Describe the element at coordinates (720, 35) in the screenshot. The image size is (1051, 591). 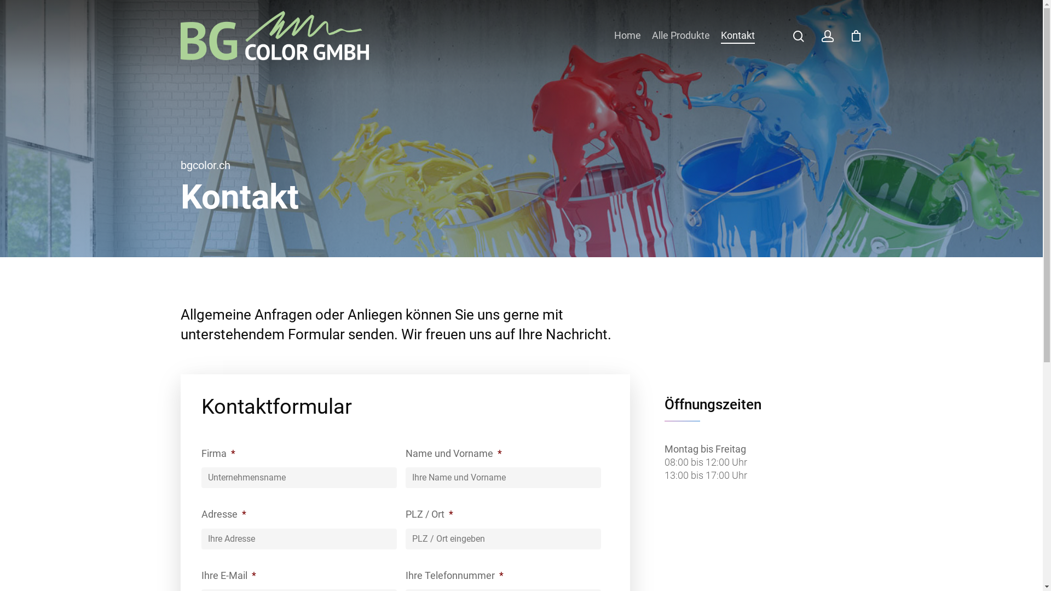
I see `'Kontakt'` at that location.